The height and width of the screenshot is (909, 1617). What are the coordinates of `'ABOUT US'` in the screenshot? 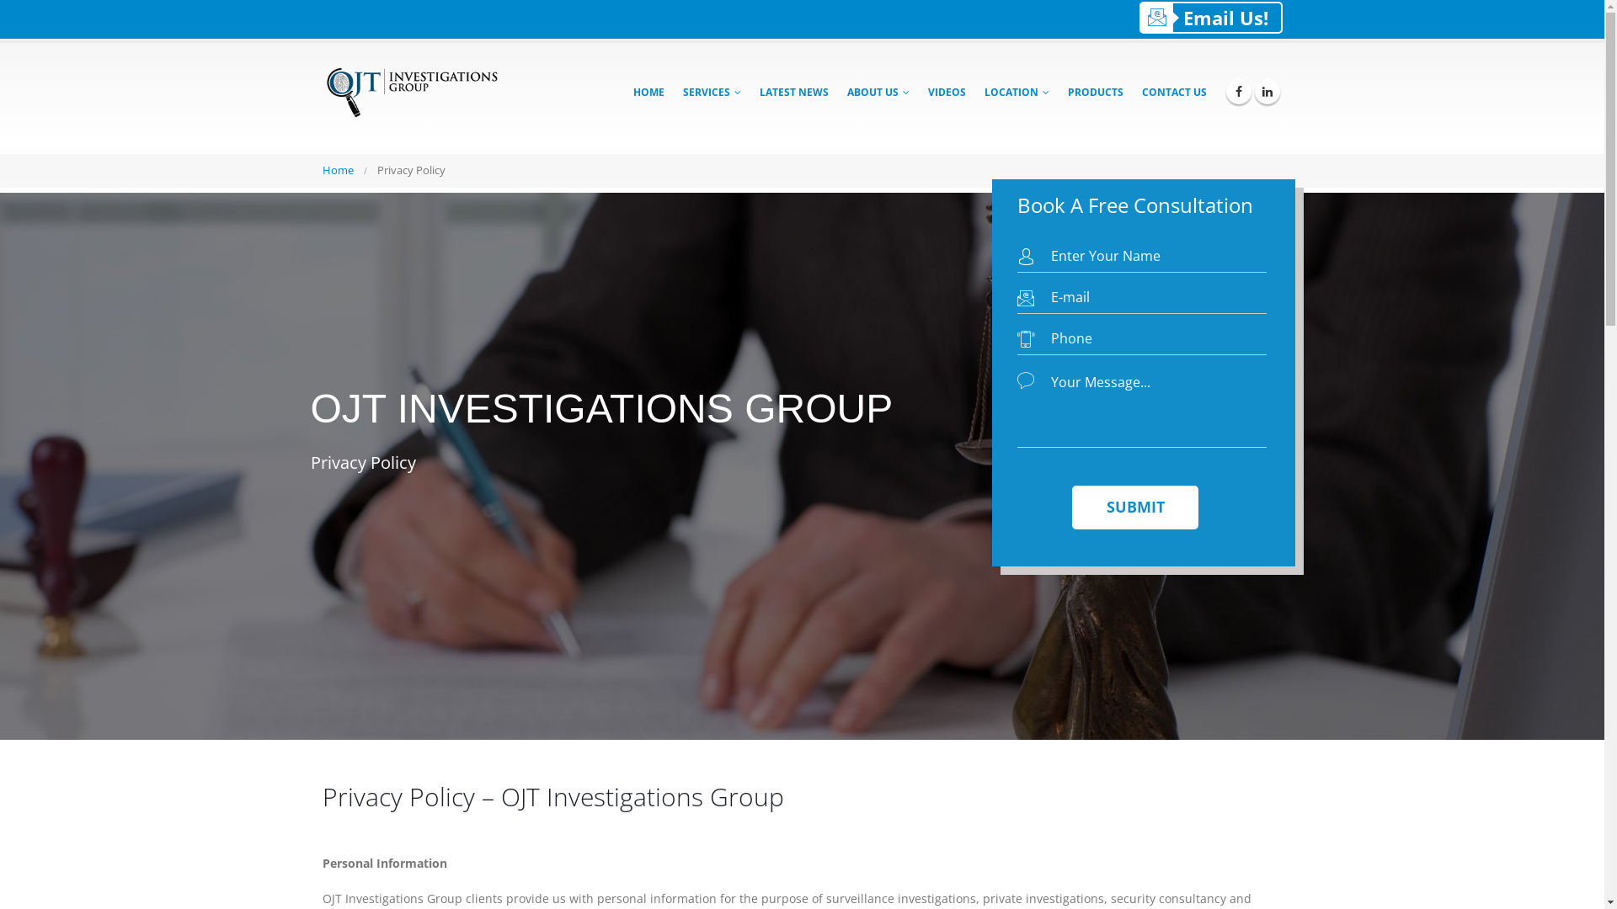 It's located at (877, 92).